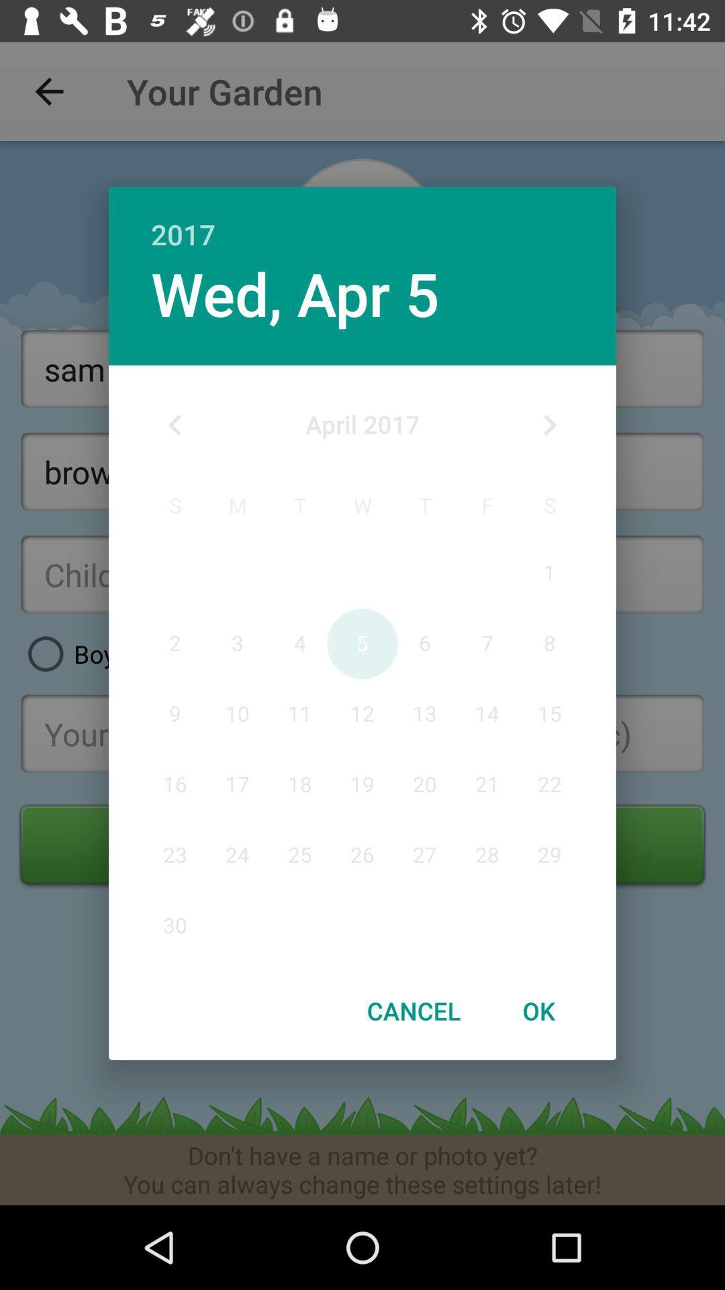 Image resolution: width=725 pixels, height=1290 pixels. What do you see at coordinates (538, 1010) in the screenshot?
I see `the item next to cancel item` at bounding box center [538, 1010].